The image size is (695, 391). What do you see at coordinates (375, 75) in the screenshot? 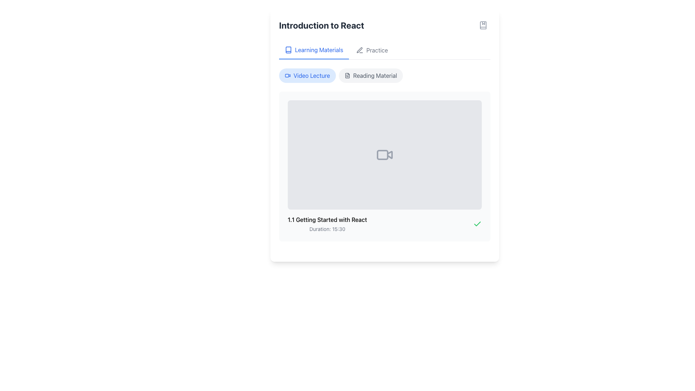
I see `the text label or menu option that provides access to reading materials, located as the third item from the left in a horizontal group, to the right of the 'Video Lecture' element` at bounding box center [375, 75].